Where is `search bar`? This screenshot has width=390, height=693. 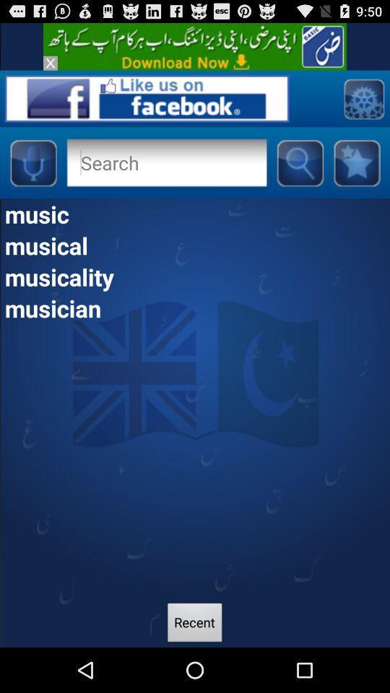
search bar is located at coordinates (165, 162).